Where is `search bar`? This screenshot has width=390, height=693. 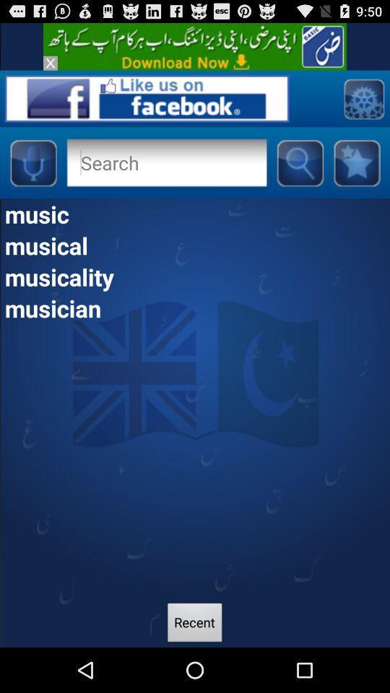
search bar is located at coordinates (165, 162).